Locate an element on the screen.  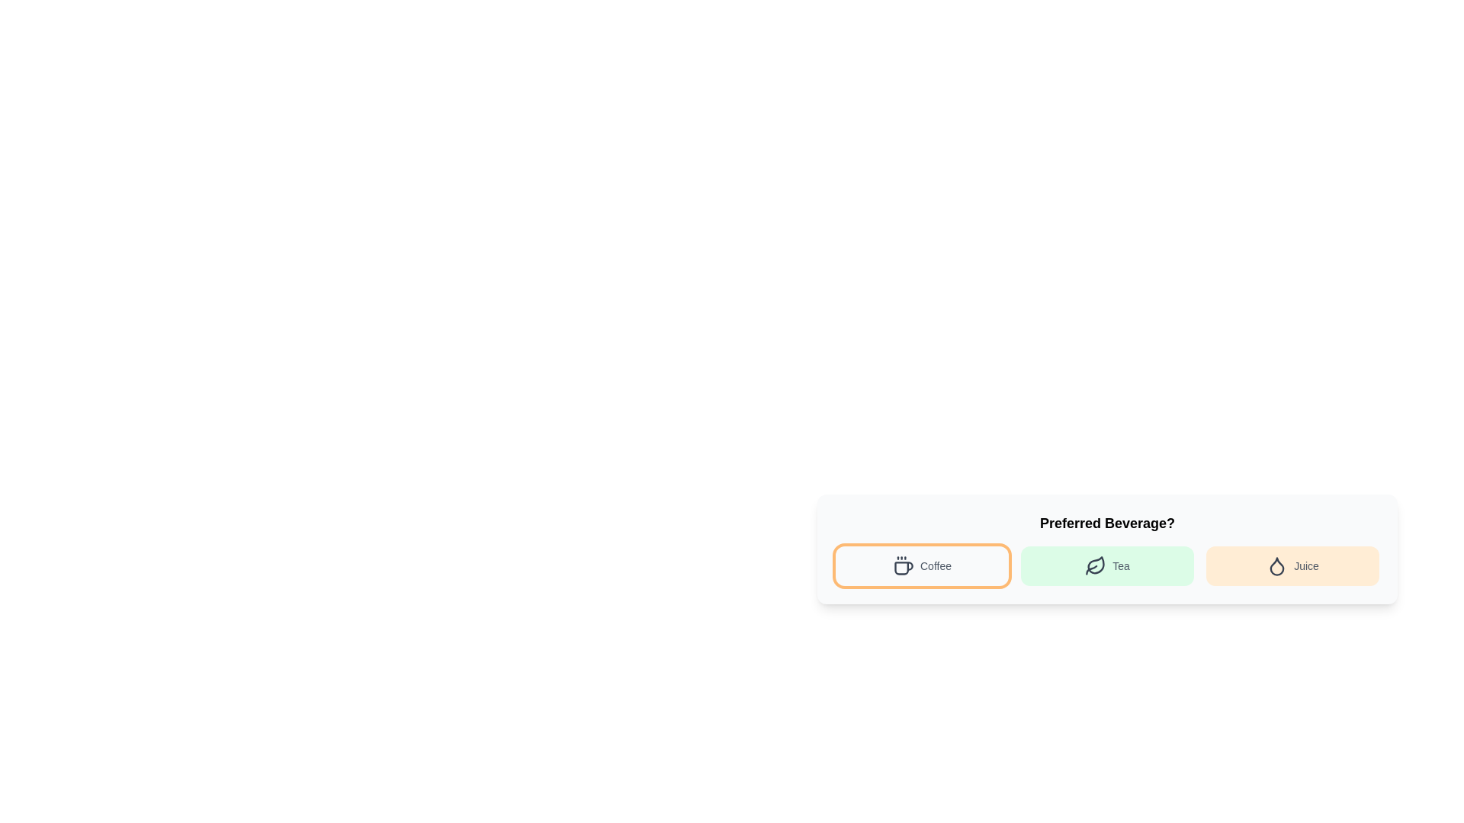
the static text label describing the option to select 'Tea', which is located within a green button, positioned between a leaf icon and the 'Juice' option is located at coordinates (1121, 566).